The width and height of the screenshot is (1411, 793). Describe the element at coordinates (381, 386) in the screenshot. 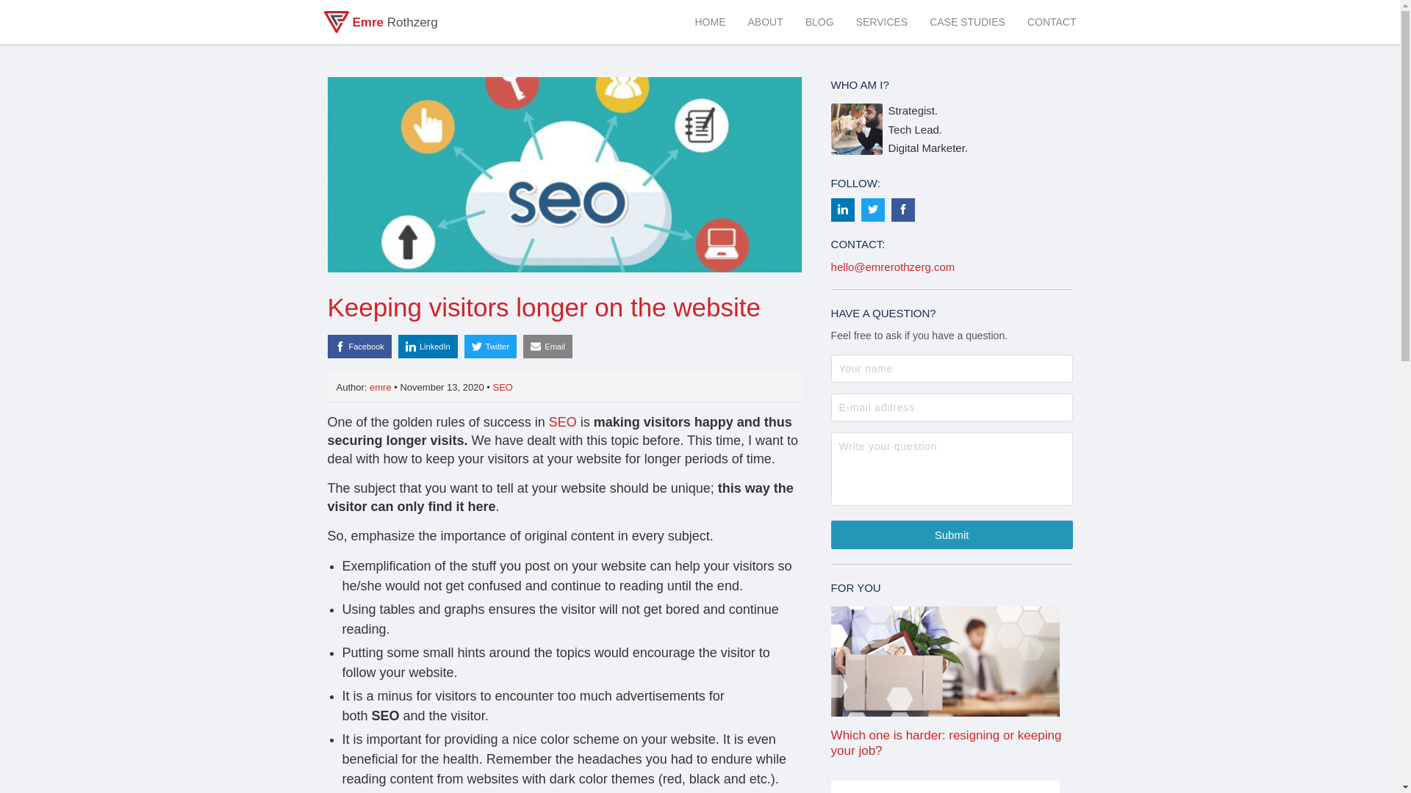

I see `'emre'` at that location.